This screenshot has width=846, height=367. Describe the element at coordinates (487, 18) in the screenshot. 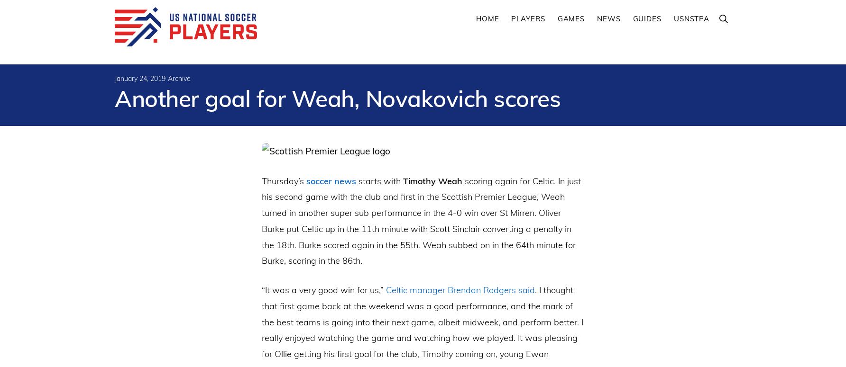

I see `'Home'` at that location.